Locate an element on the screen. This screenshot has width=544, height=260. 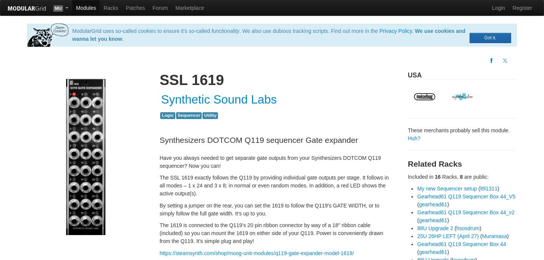
'https://steamsynth.com/shop/moog-unit-modules/q119-gate-expander-model-1619/' is located at coordinates (256, 252).